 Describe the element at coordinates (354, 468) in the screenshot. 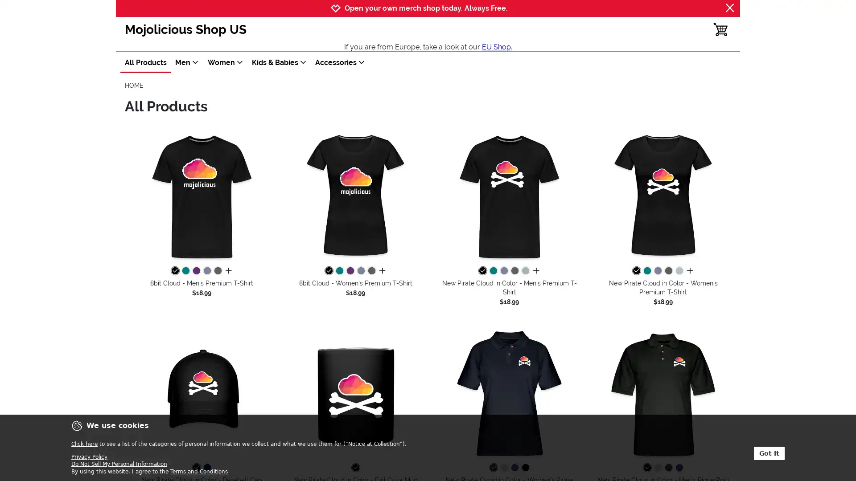

I see `black` at that location.